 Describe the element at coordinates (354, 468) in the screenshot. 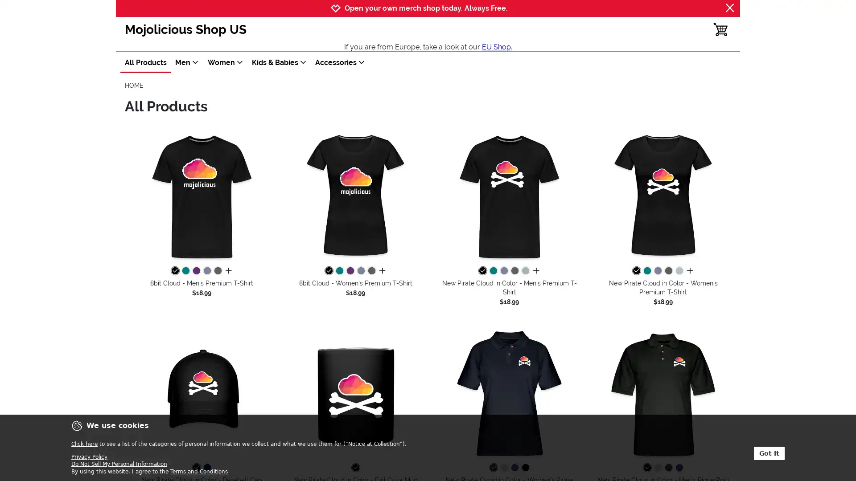

I see `black` at that location.